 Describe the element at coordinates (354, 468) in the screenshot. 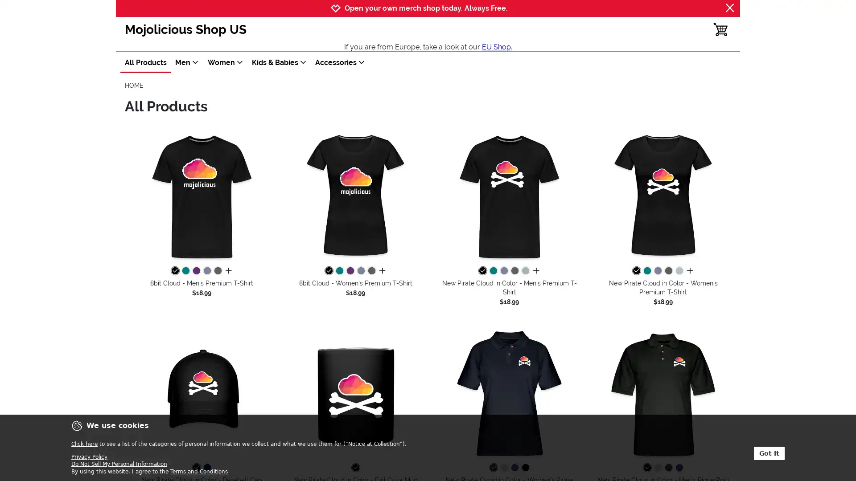

I see `black` at that location.